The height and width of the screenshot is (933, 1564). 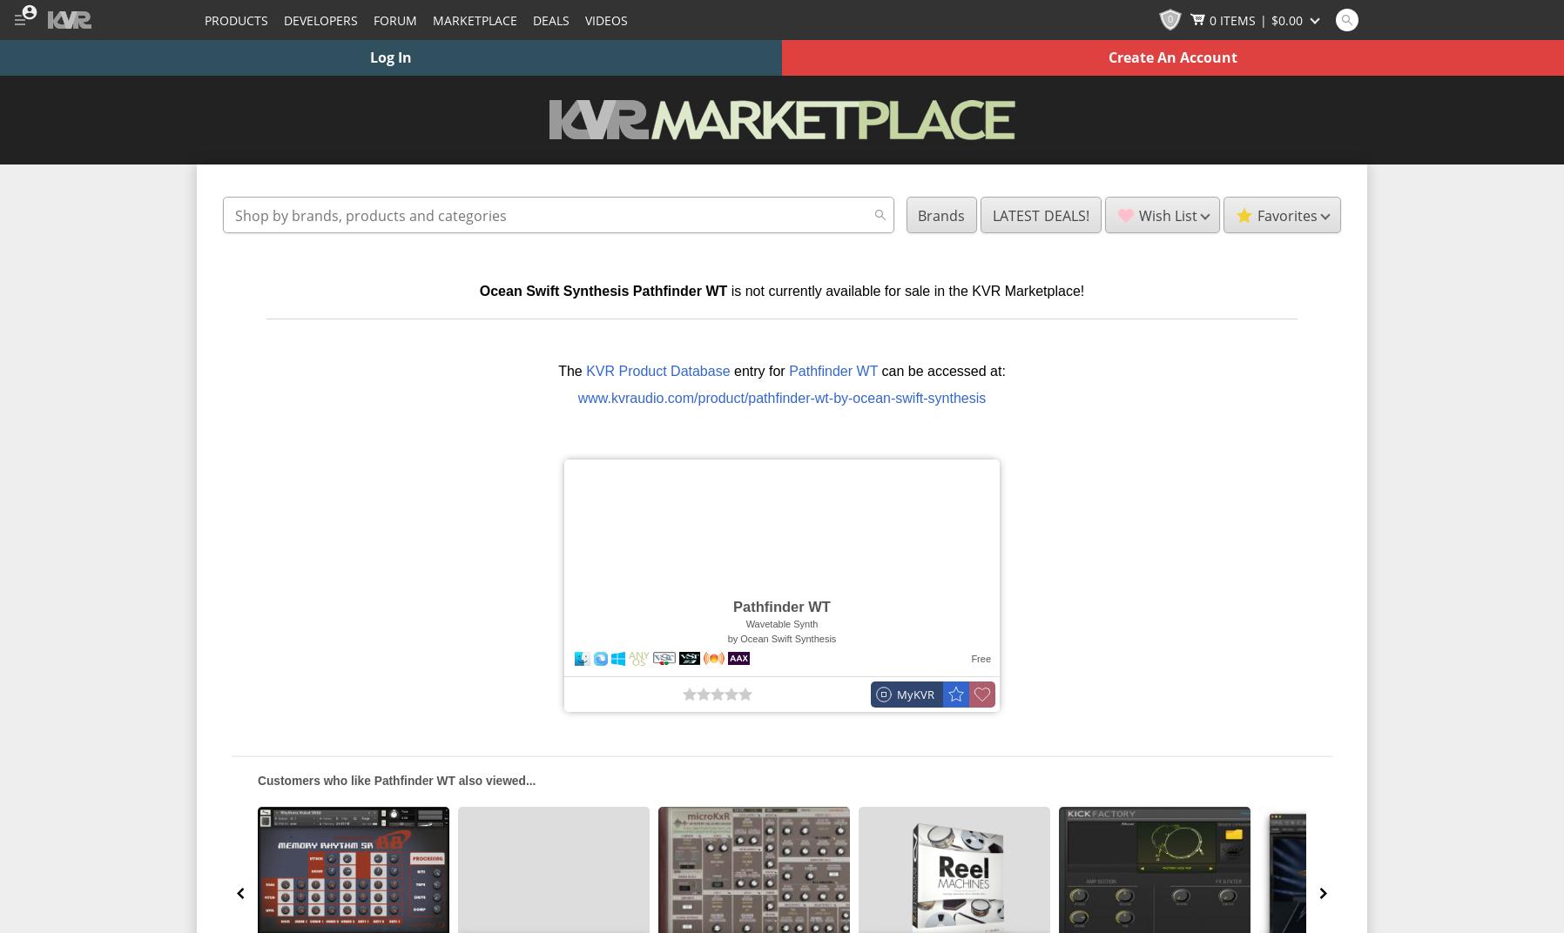 What do you see at coordinates (1273, 18) in the screenshot?
I see `'$'` at bounding box center [1273, 18].